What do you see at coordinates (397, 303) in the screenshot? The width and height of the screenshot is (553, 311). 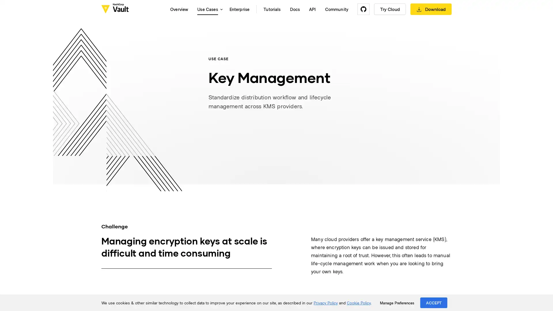 I see `Manage Preferences` at bounding box center [397, 303].